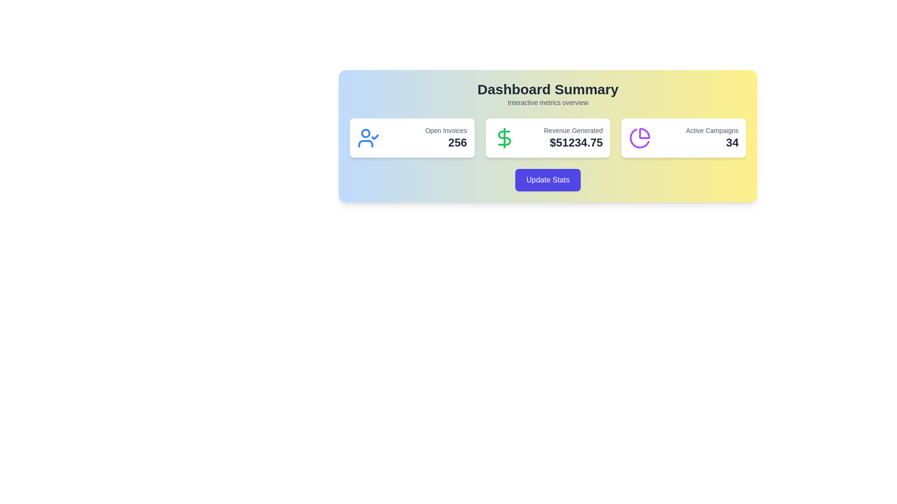 This screenshot has height=504, width=897. What do you see at coordinates (712, 131) in the screenshot?
I see `the 'Active Campaigns' text label, which is styled in gray and located above the numerical value '34' in the rightmost panel of a three-panel dashboard interface` at bounding box center [712, 131].